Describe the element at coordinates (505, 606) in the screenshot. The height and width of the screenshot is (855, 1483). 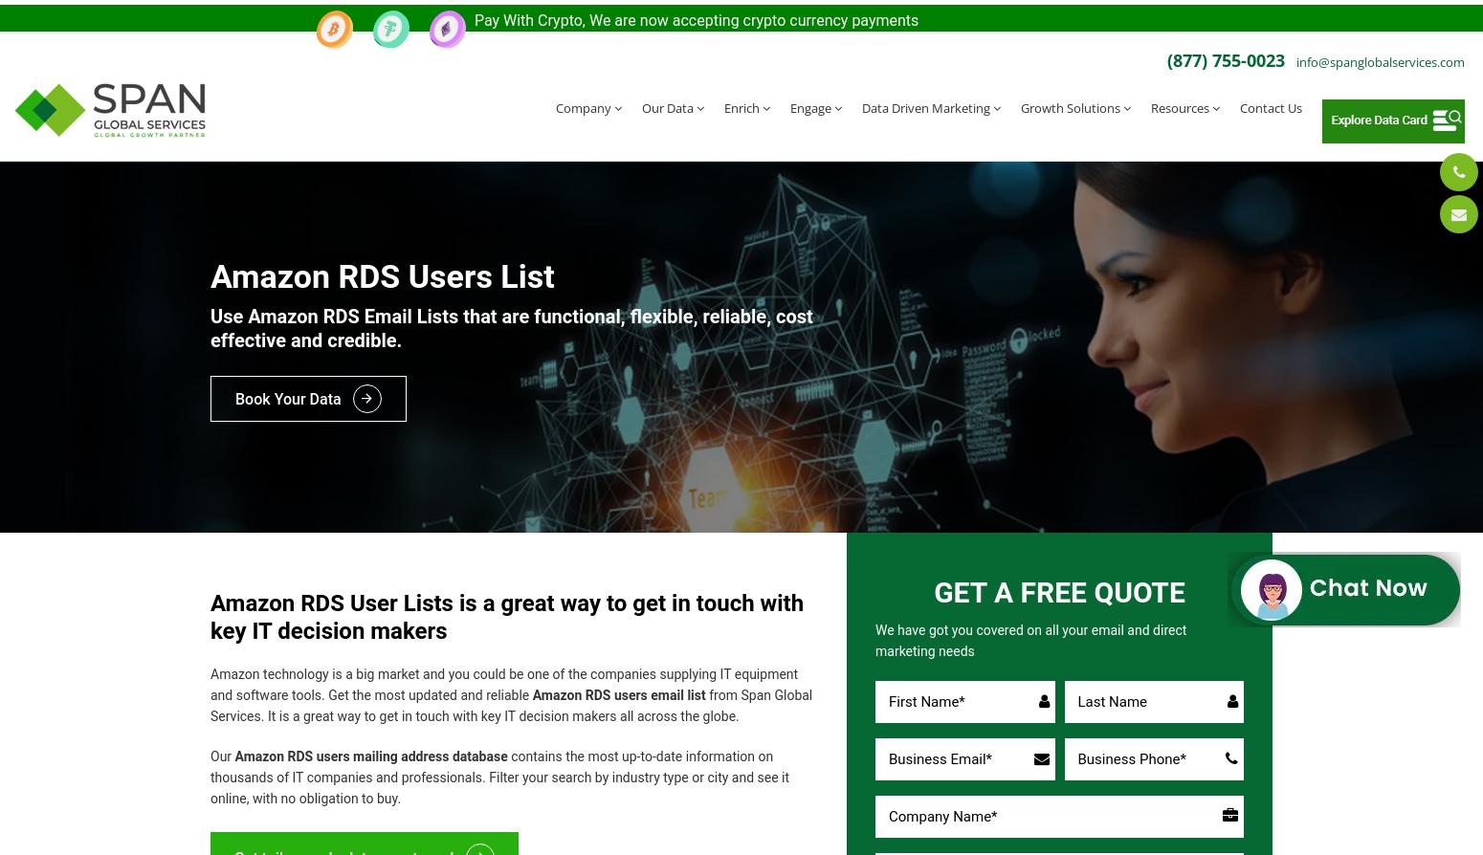
I see `'Amazon RDS User Lists is a great way to get in touch with key IT decision makers'` at that location.